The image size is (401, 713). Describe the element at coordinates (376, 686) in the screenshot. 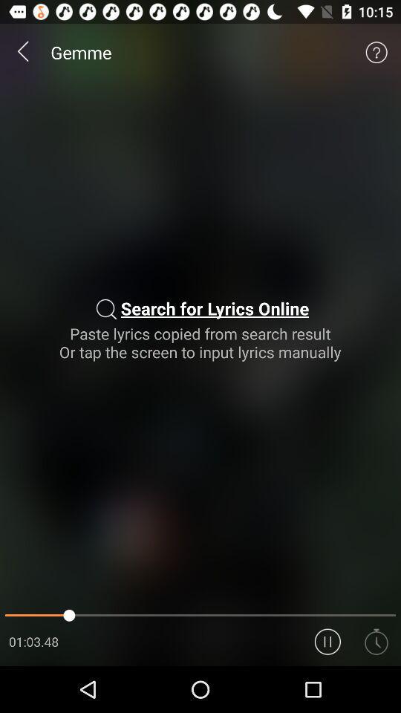

I see `the explore icon` at that location.